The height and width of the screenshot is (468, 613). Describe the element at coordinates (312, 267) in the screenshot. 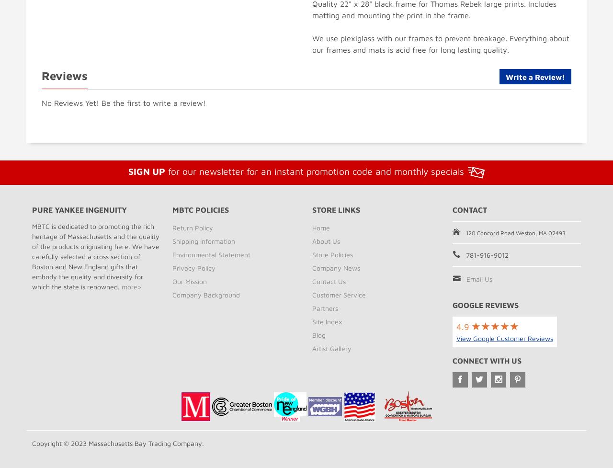

I see `'Company News'` at that location.